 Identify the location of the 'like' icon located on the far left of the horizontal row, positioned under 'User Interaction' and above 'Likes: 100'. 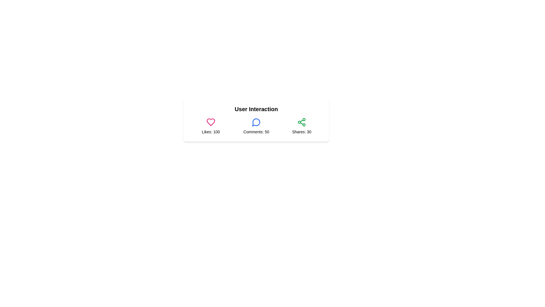
(211, 122).